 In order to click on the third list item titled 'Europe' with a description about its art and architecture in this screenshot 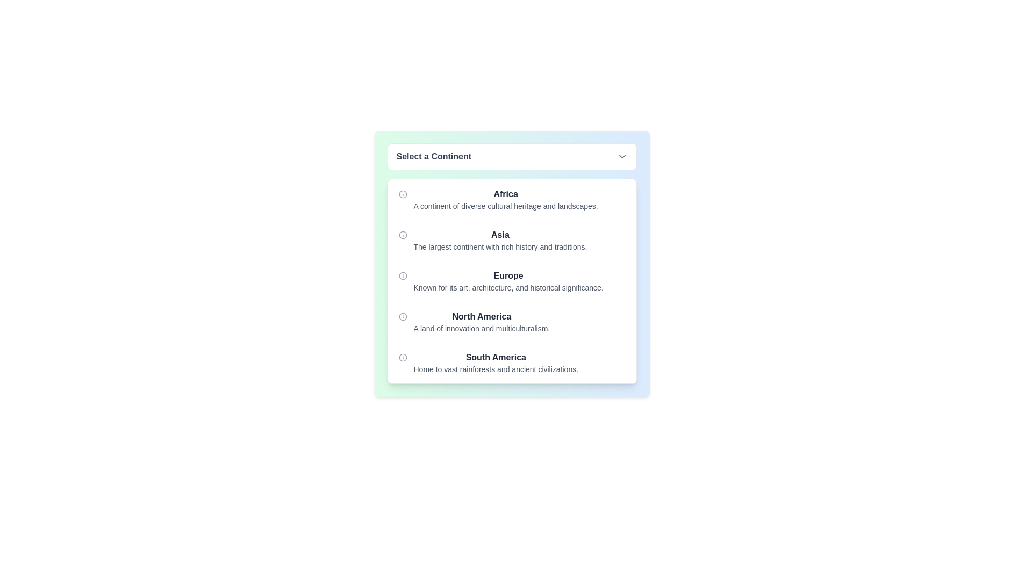, I will do `click(508, 281)`.